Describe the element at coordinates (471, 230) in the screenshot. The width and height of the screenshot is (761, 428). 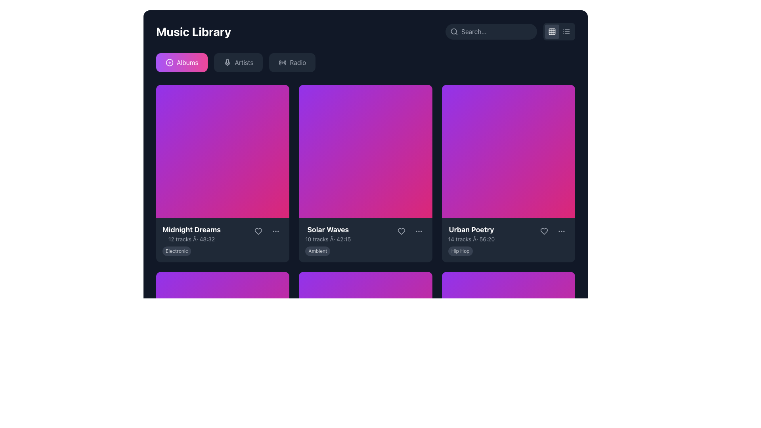
I see `the large white text label 'Urban Poetry'` at that location.